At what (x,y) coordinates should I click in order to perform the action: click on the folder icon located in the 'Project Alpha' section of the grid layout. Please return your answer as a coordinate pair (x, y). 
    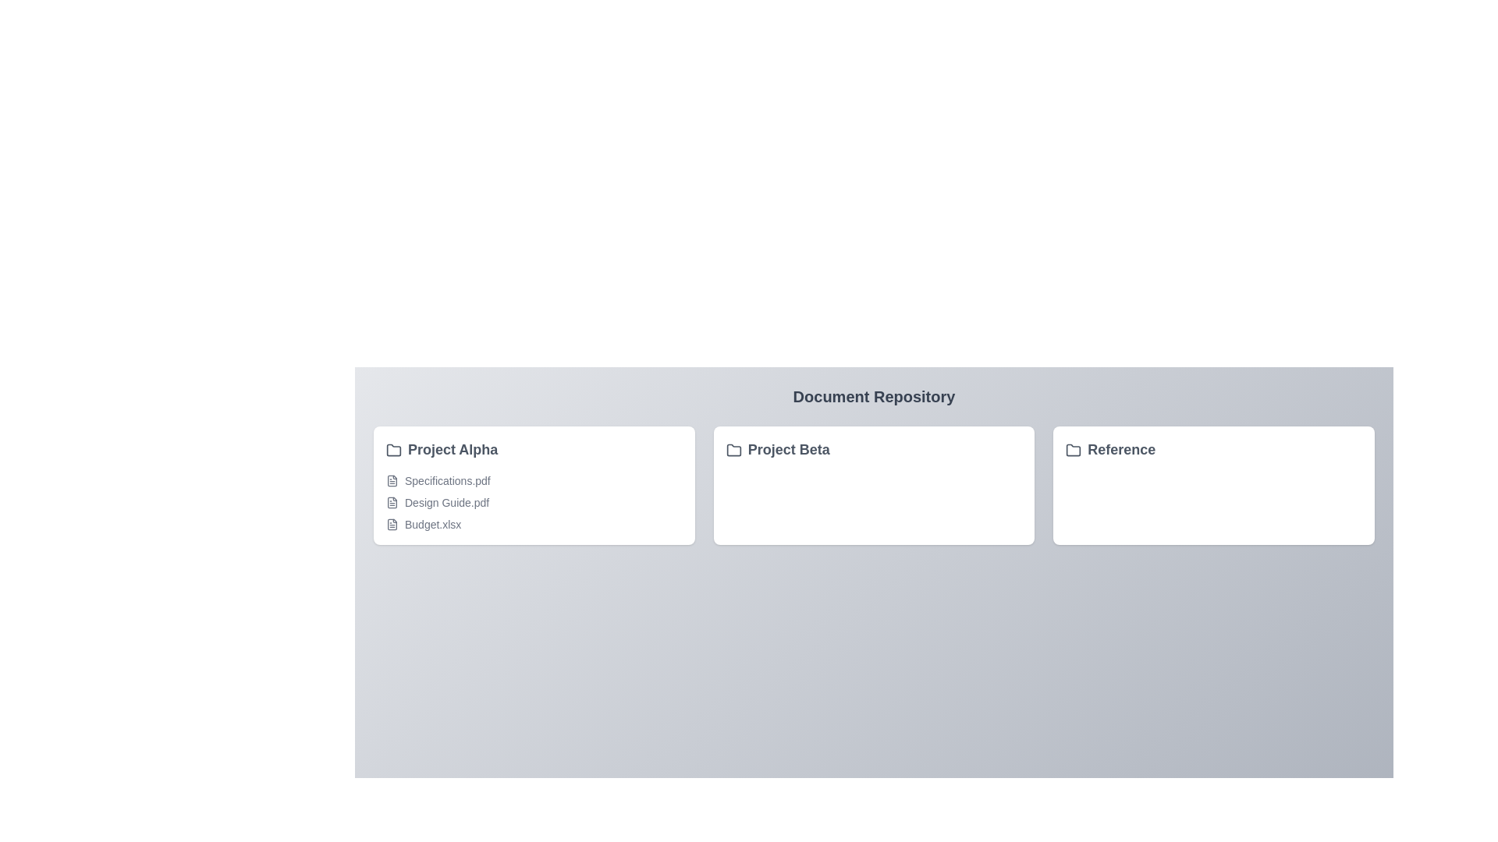
    Looking at the image, I should click on (393, 450).